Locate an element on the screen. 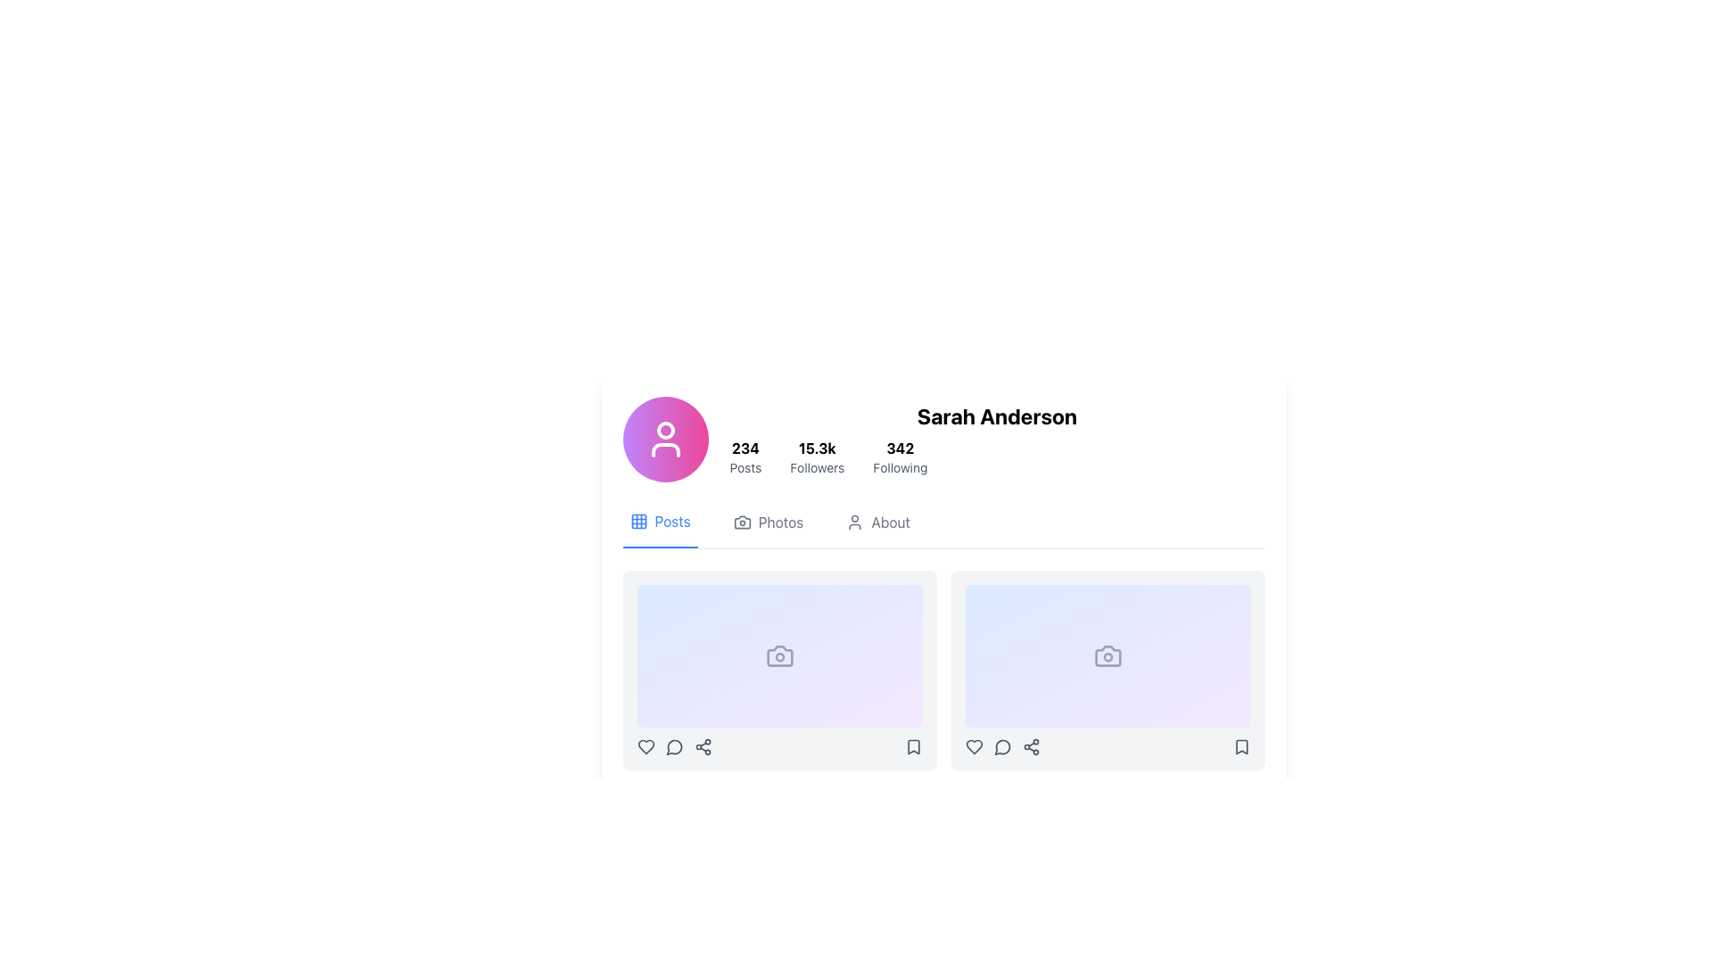 The width and height of the screenshot is (1712, 963). the Profile Avatar element, which displays the user's profile picture for 'Sarah Anderson', located at the leftmost side of the user information section is located at coordinates (664, 440).